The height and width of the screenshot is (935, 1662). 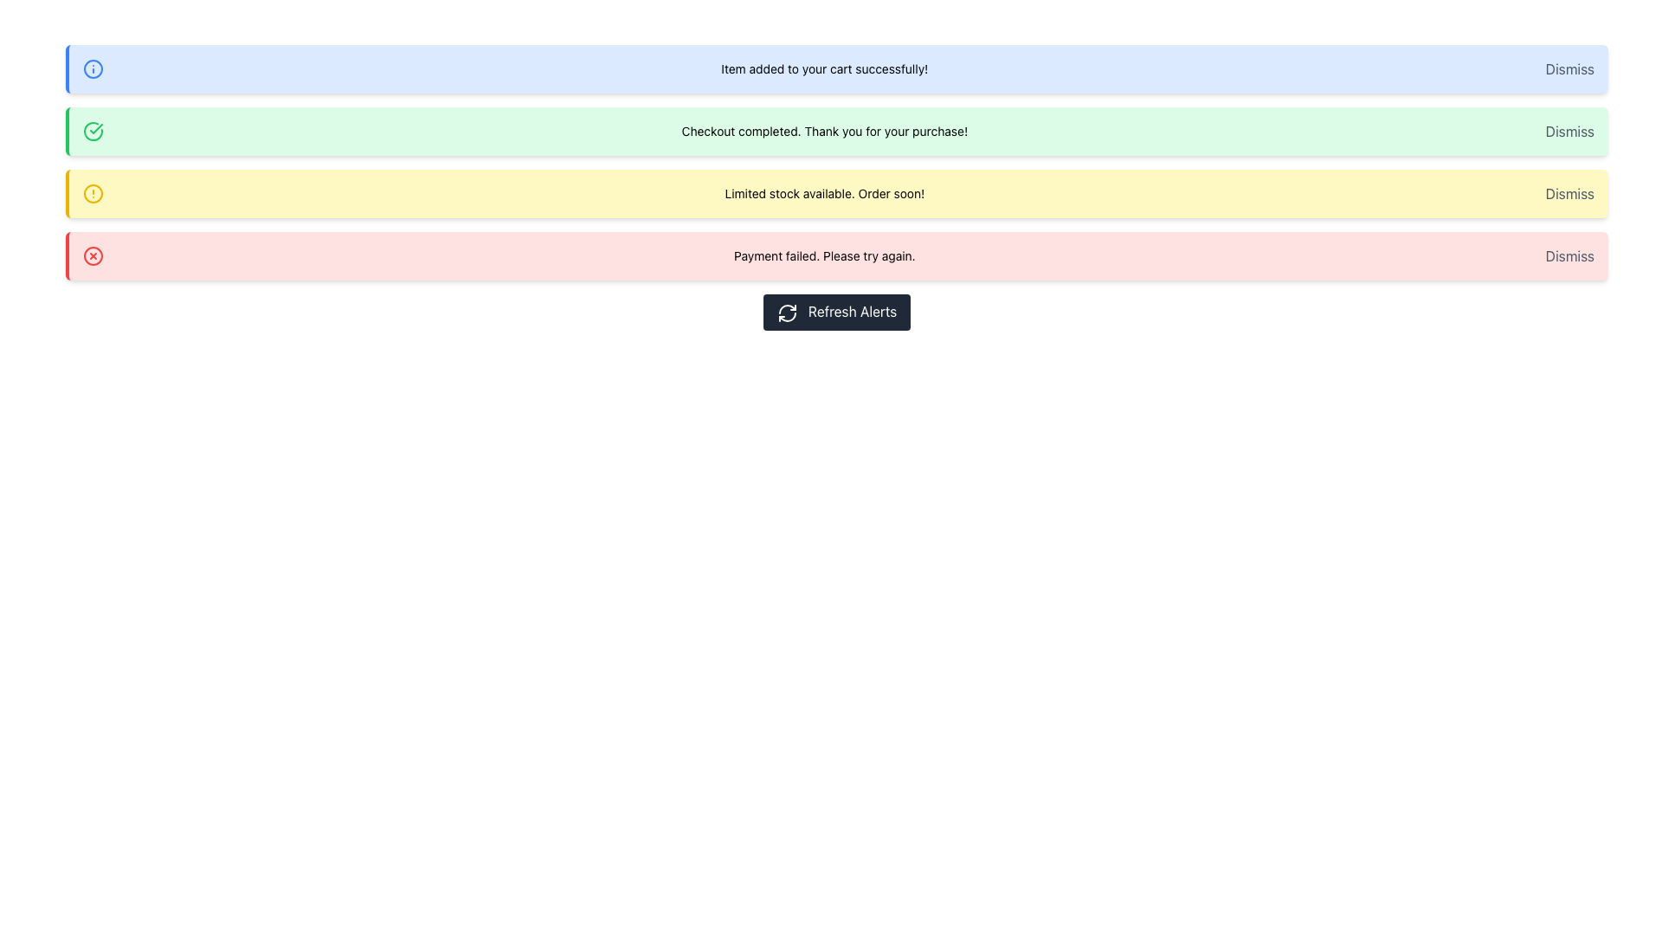 I want to click on the circular refresh icon within the 'Refresh Alerts' button, so click(x=786, y=313).